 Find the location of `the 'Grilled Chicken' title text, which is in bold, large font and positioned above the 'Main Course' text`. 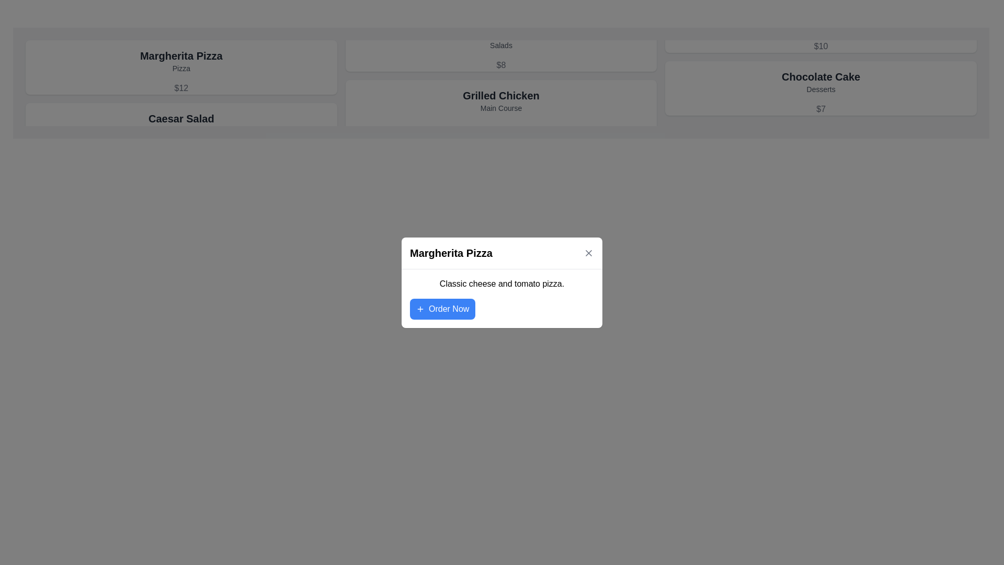

the 'Grilled Chicken' title text, which is in bold, large font and positioned above the 'Main Course' text is located at coordinates (500, 95).